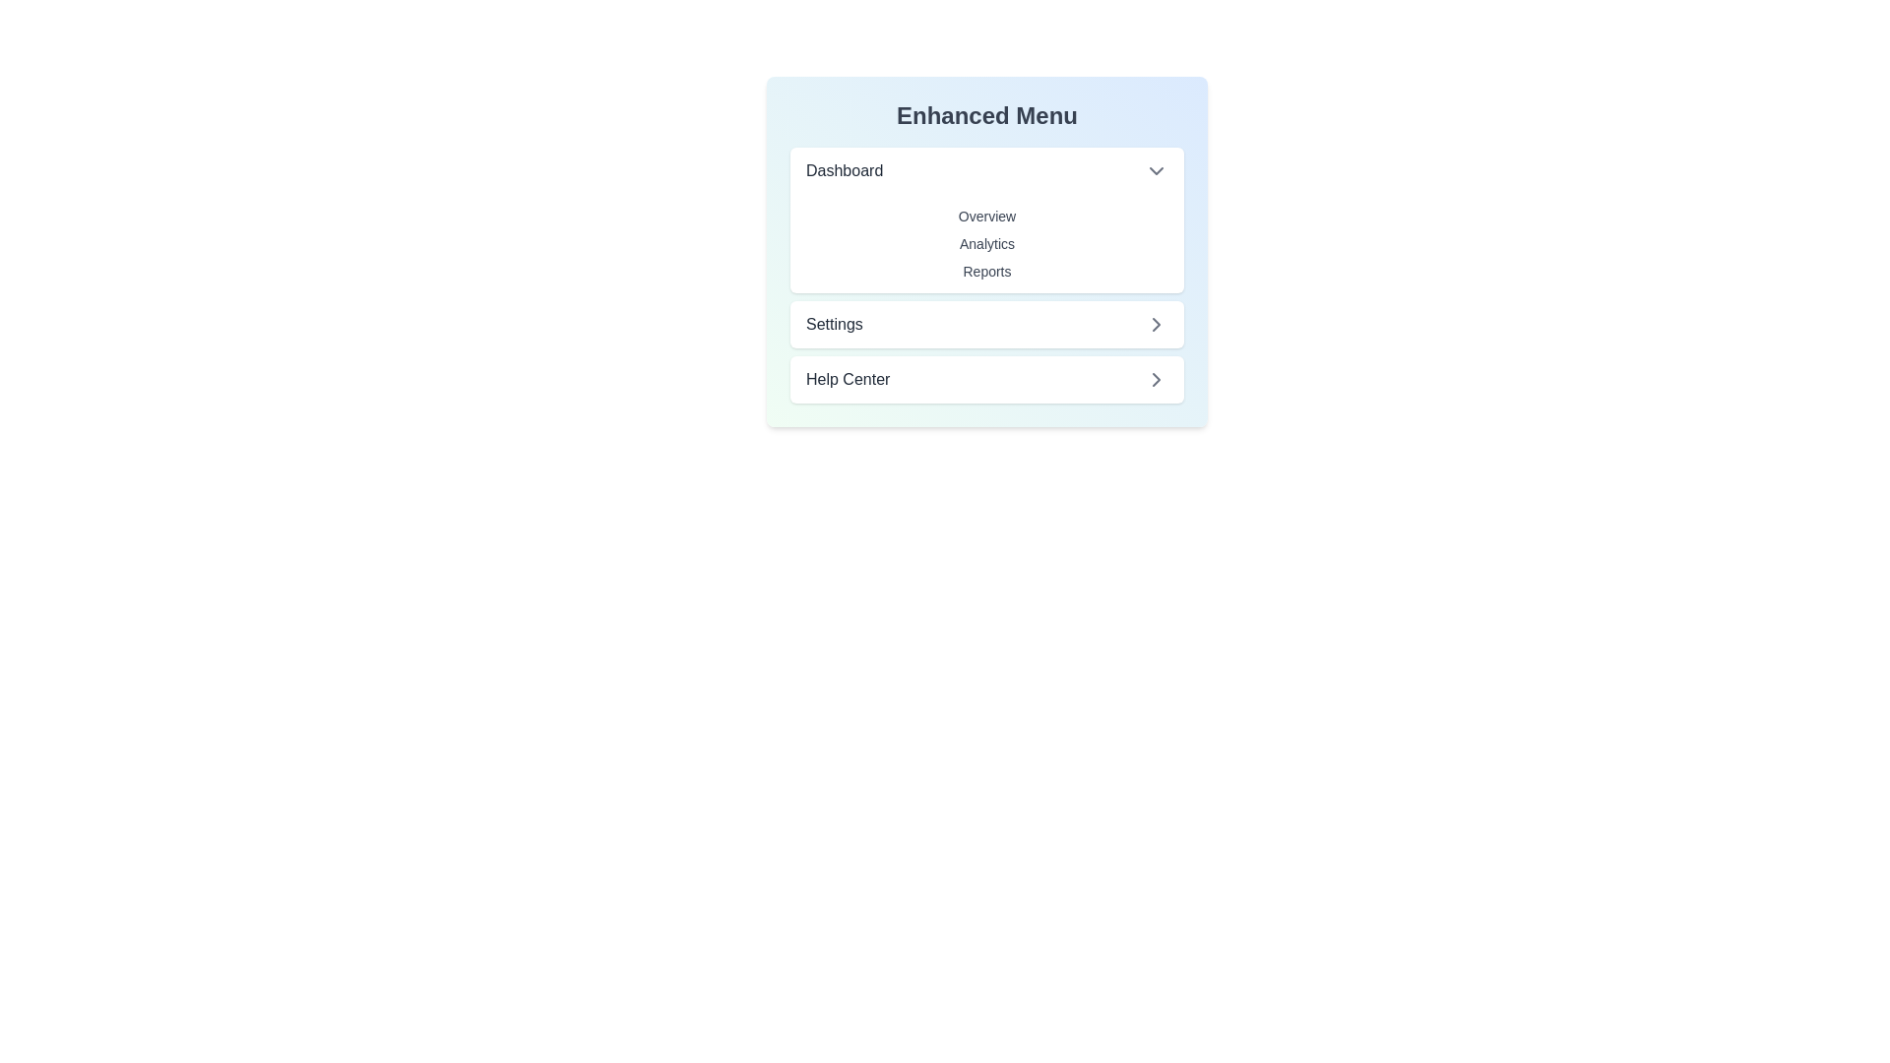  I want to click on the 'Dashboard' text label that is styled in medium-weight font and dark gray color, located in the top section of the 'Enhanced Menu' vertical menu interface, so click(845, 169).